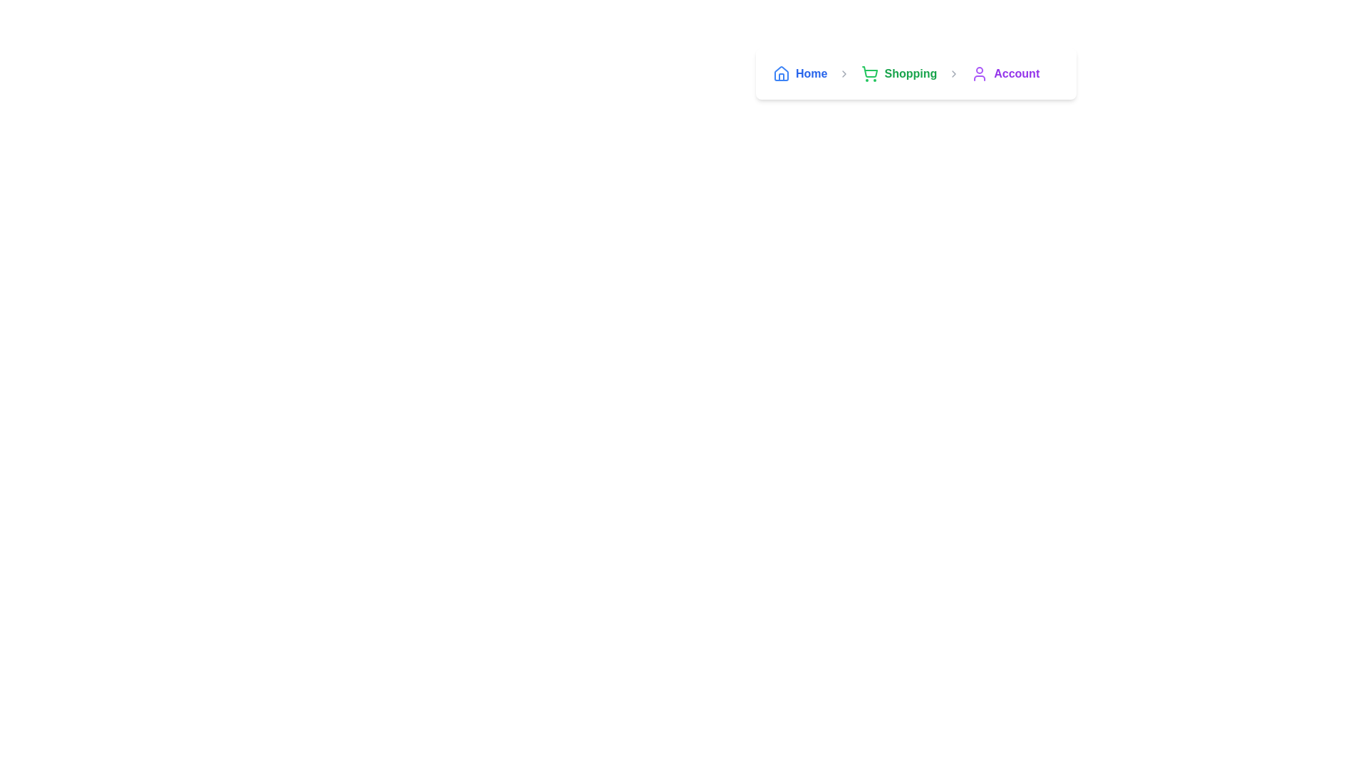 The image size is (1368, 769). I want to click on the door feature of the house icon in the breadcrumb navigation bar, which is styled with clean lines and blue color, located at the top-left corner, so click(781, 77).